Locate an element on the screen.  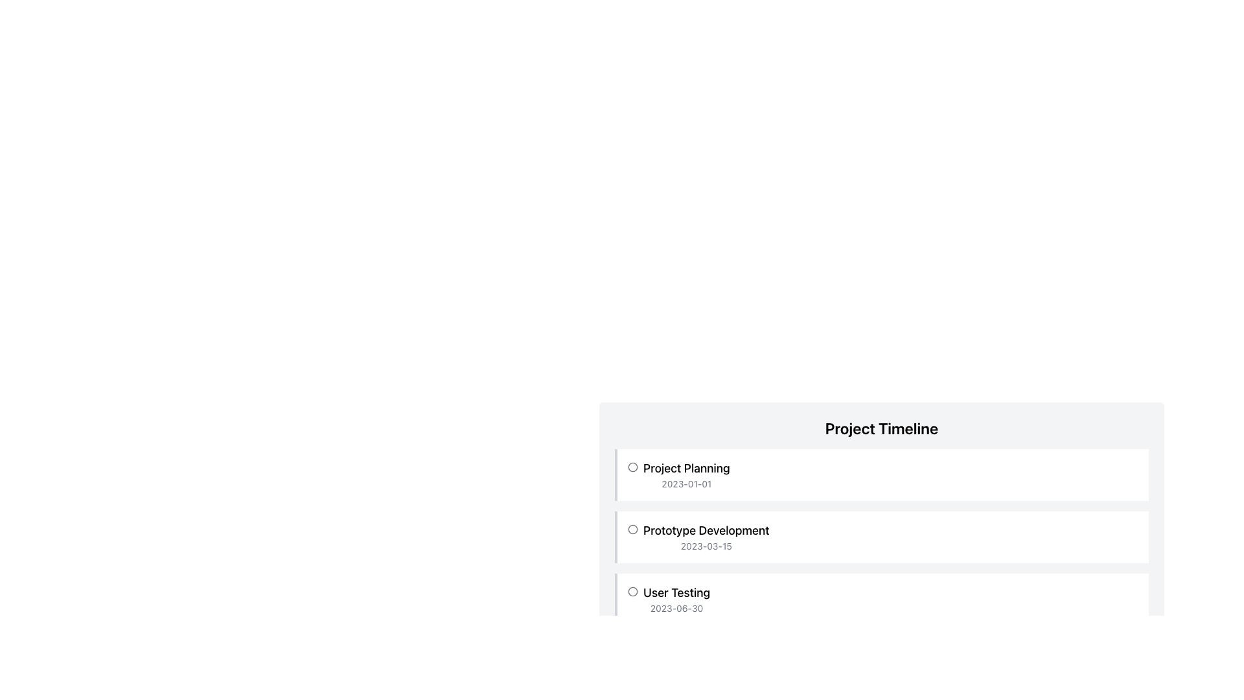
the text block that displays a title and date, located below 'Project Planning' and above 'User Testing' in the vertical timeline is located at coordinates (706, 537).